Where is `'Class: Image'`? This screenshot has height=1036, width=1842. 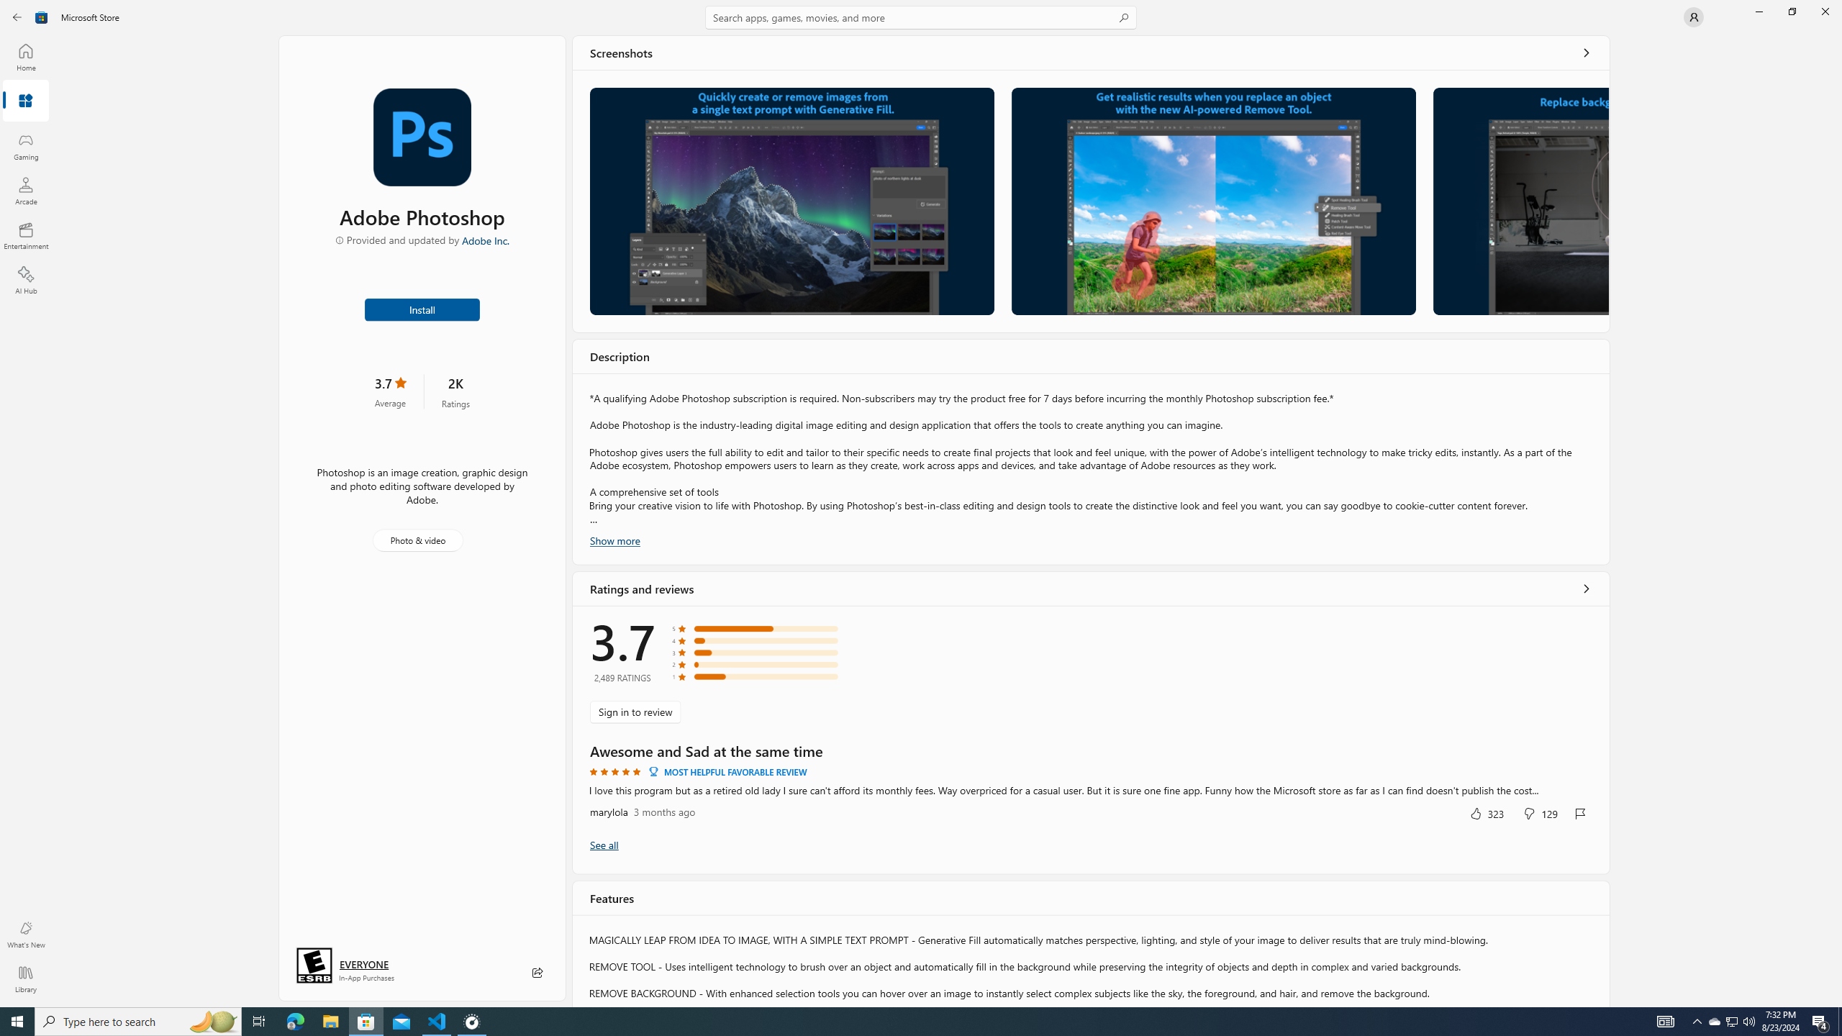 'Class: Image' is located at coordinates (41, 16).